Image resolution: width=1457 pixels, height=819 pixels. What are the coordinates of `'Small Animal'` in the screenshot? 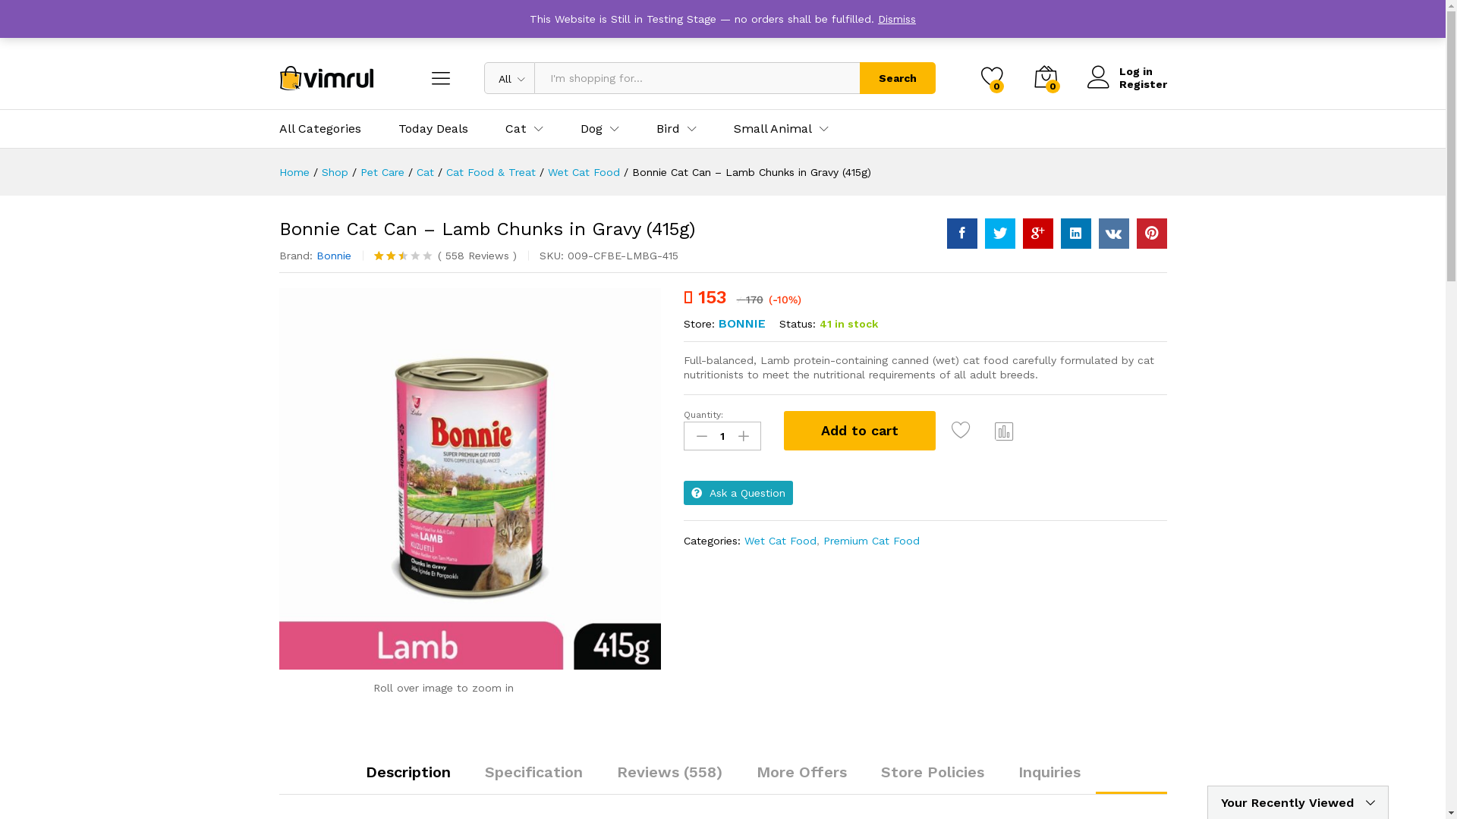 It's located at (772, 127).